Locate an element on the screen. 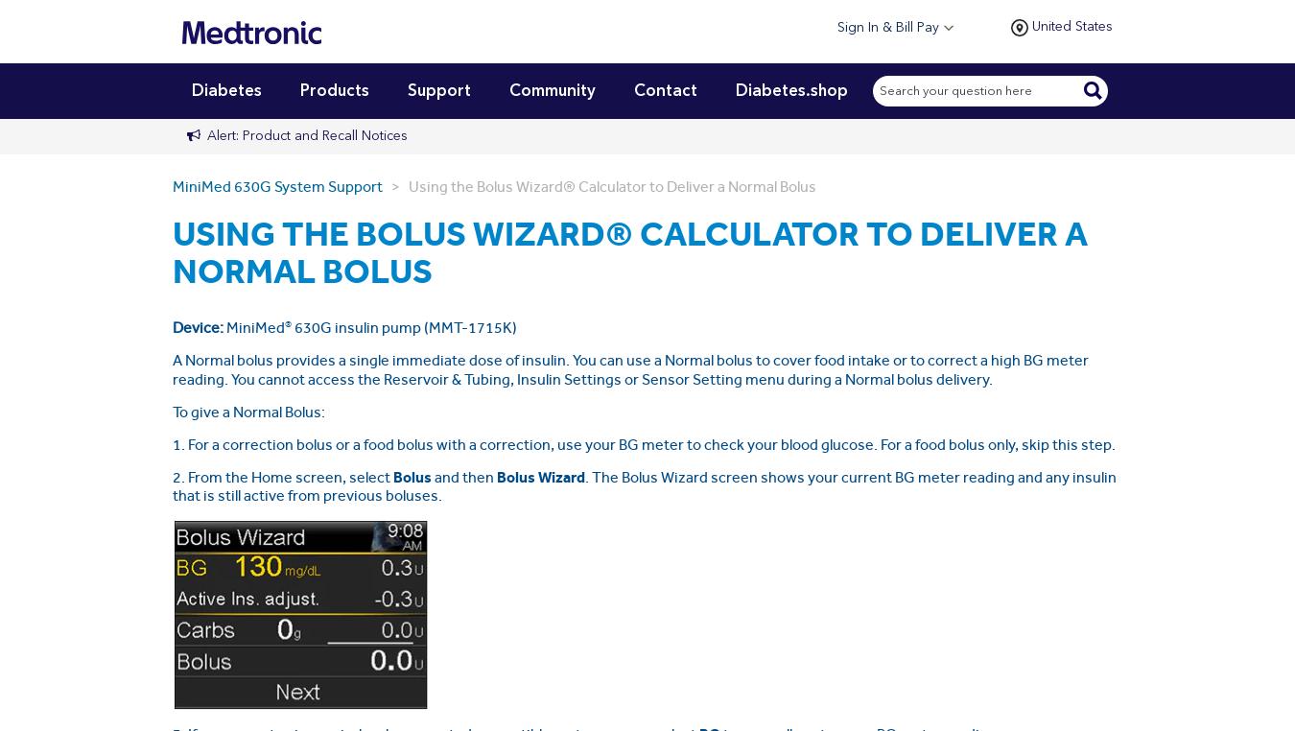 Image resolution: width=1295 pixels, height=731 pixels. 'Sign In & Bill Pay' is located at coordinates (837, 27).